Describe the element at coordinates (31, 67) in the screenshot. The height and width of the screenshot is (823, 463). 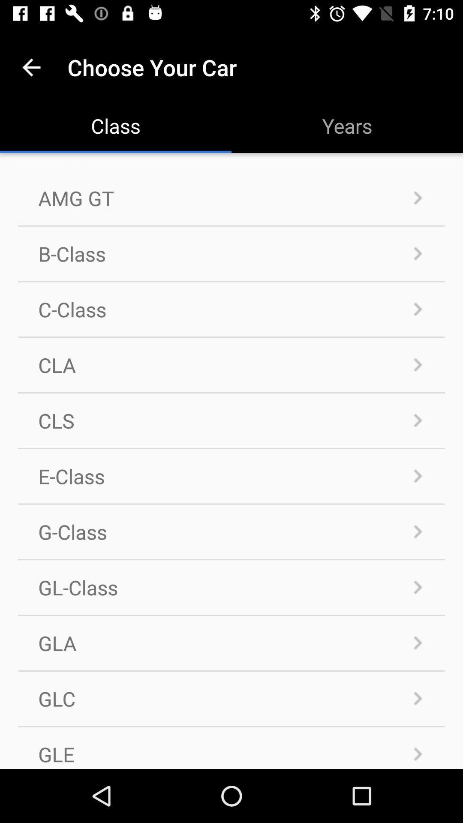
I see `the item above amg gt icon` at that location.